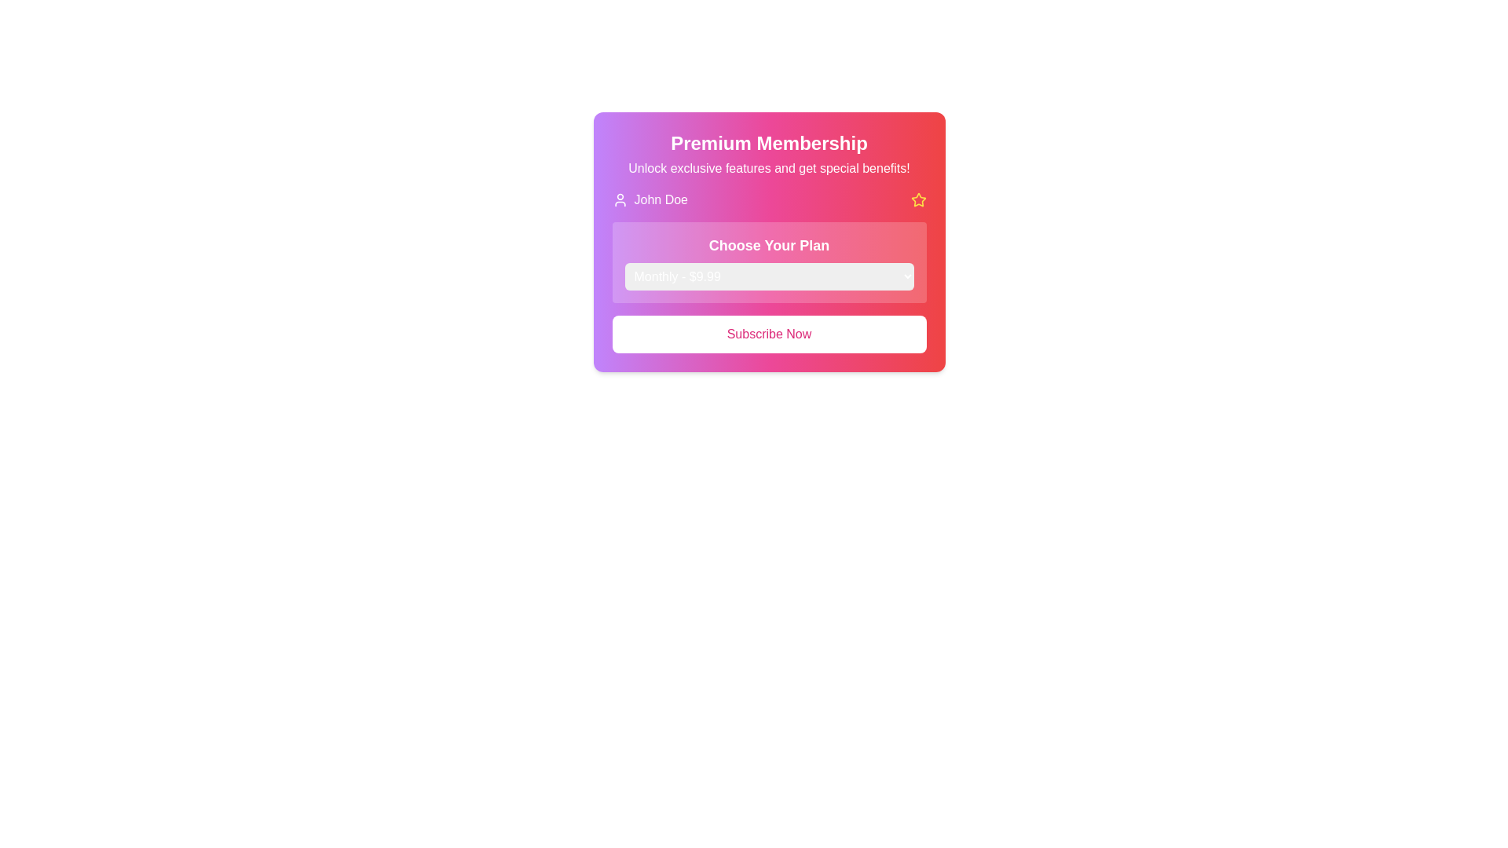 The height and width of the screenshot is (848, 1508). What do you see at coordinates (769, 245) in the screenshot?
I see `the text label displaying 'Choose Your Plan', which is bold and large, located in a rectangular module with a gradient background` at bounding box center [769, 245].